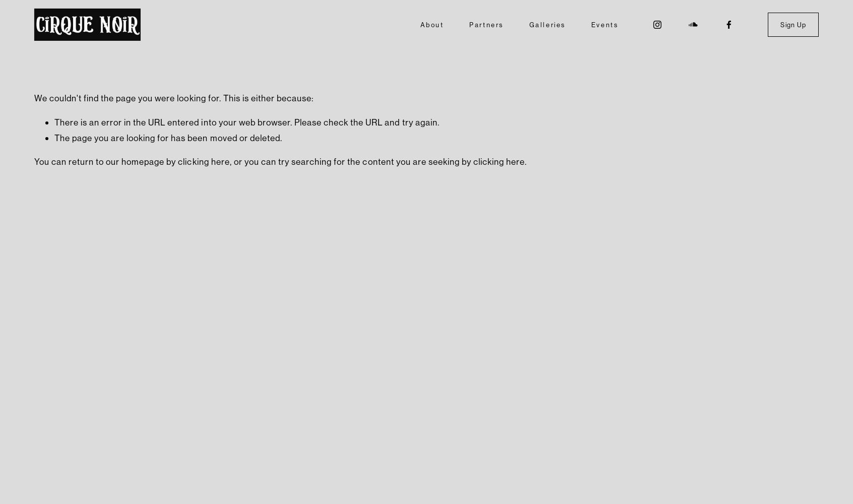 This screenshot has width=853, height=504. I want to click on ', or you can try searching for the
  content you are seeking by', so click(351, 161).